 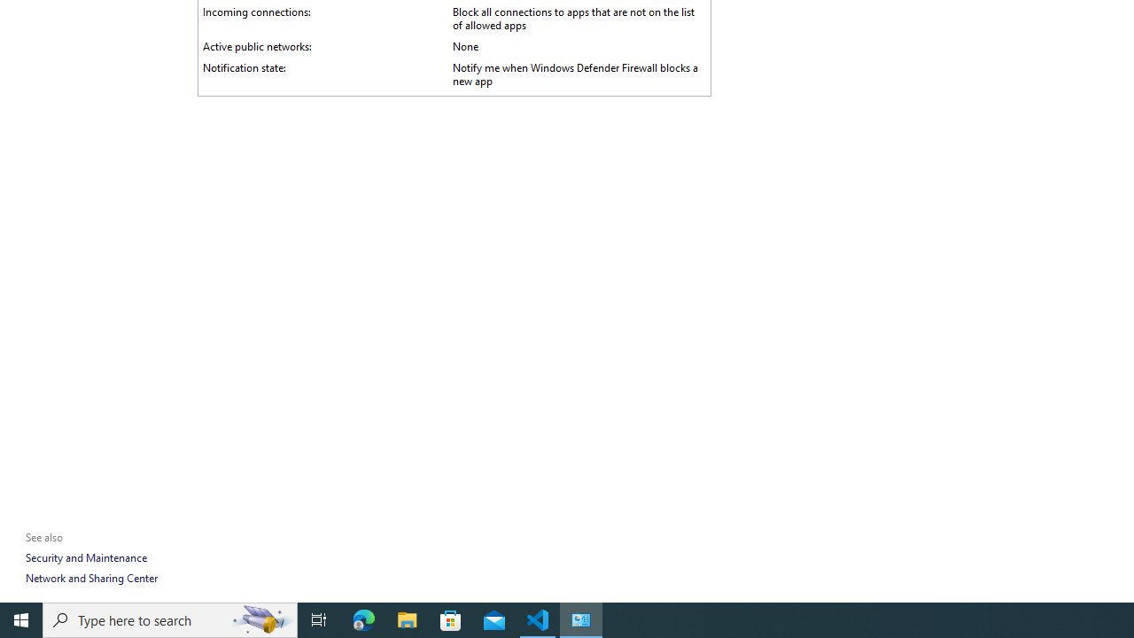 I want to click on 'Task View', so click(x=318, y=619).